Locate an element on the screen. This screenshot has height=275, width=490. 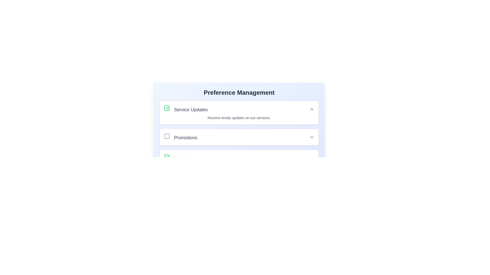
the label that indicates the purpose or category associated with the adjacent checkbox in the 'Preference Management' section is located at coordinates (185, 137).